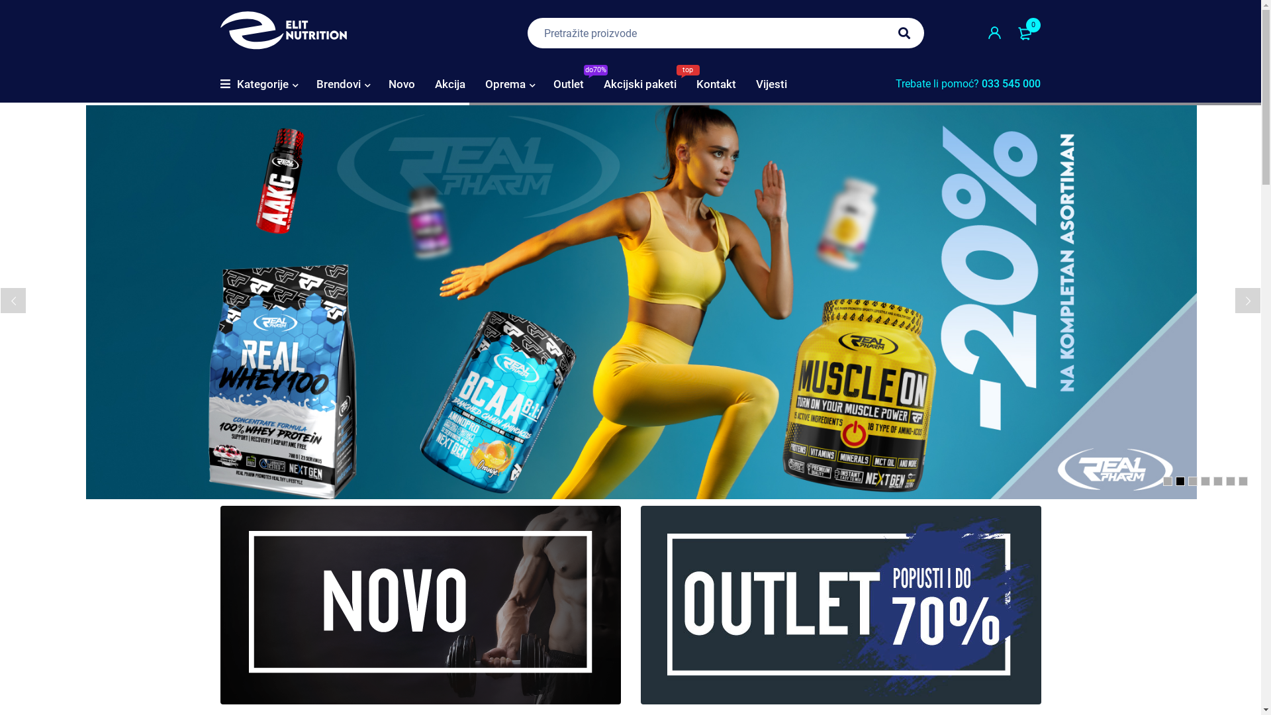 The height and width of the screenshot is (715, 1271). What do you see at coordinates (603, 84) in the screenshot?
I see `'Akcijski paketi` at bounding box center [603, 84].